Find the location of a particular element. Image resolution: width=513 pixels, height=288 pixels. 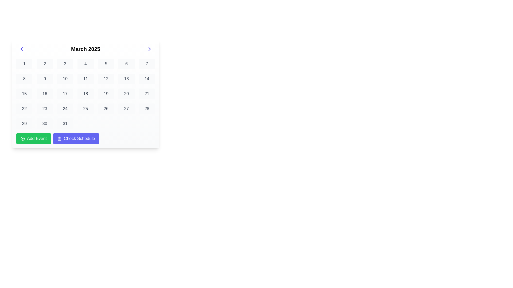

the button representing the date '9' in the second row and second column of the calendar interface is located at coordinates (45, 79).